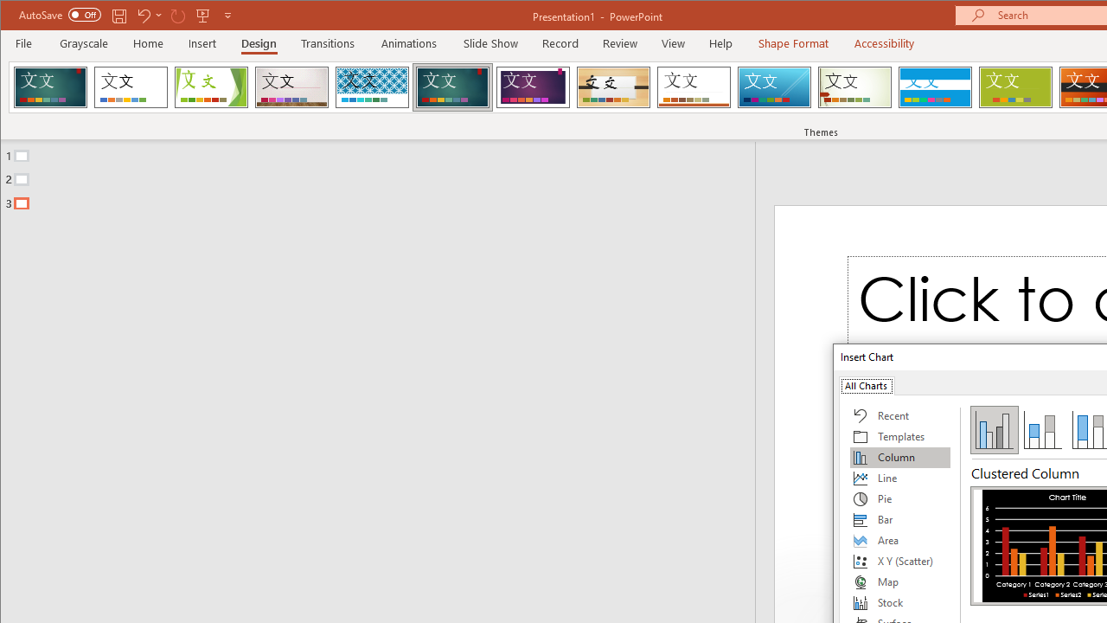 Image resolution: width=1107 pixels, height=623 pixels. Describe the element at coordinates (83, 42) in the screenshot. I see `'Grayscale'` at that location.